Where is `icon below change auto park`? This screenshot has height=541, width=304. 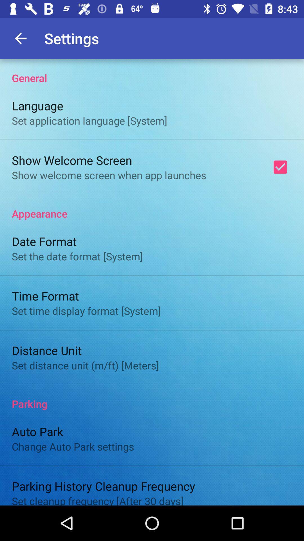
icon below change auto park is located at coordinates (103, 485).